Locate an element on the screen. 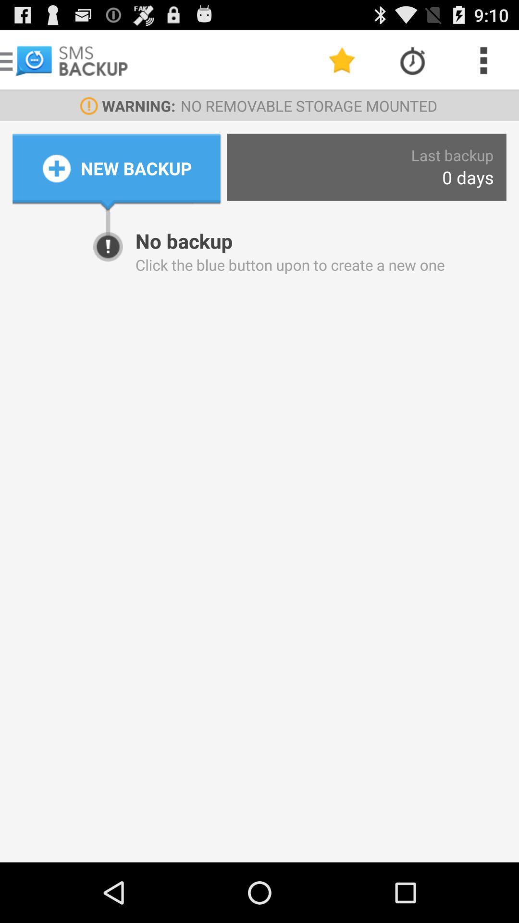 Image resolution: width=519 pixels, height=923 pixels. item next to the last backup icon is located at coordinates (136, 168).